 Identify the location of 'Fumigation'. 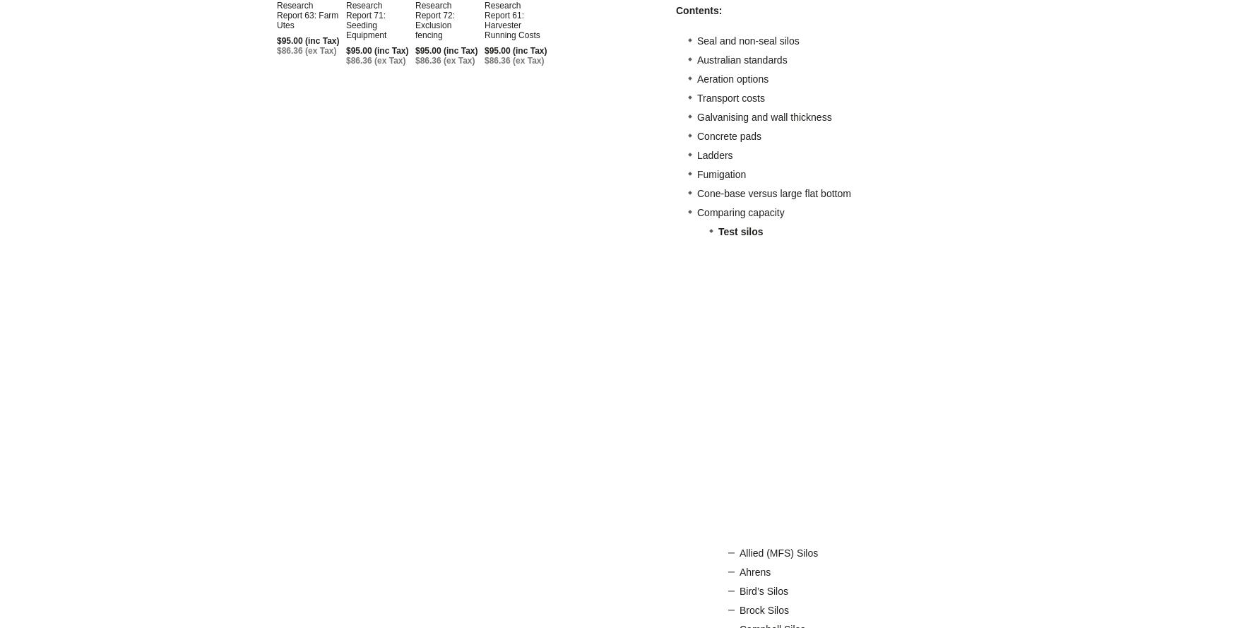
(720, 173).